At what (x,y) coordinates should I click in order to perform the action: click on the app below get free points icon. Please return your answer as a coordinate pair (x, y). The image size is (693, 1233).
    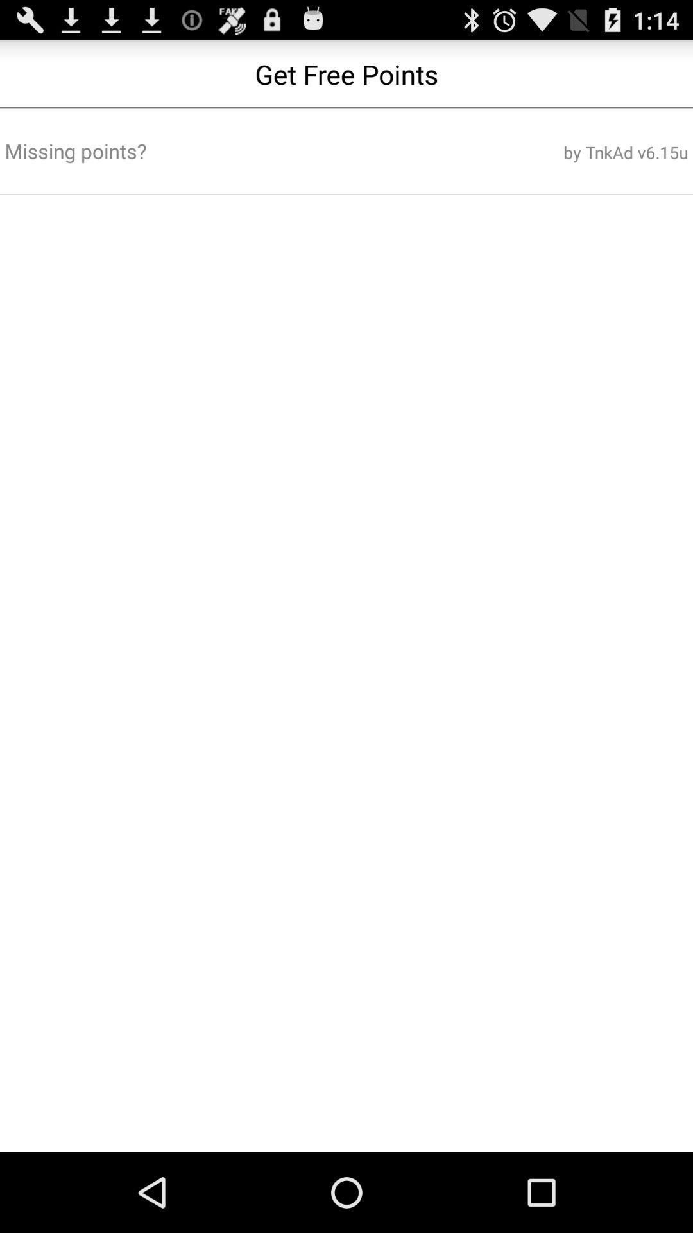
    Looking at the image, I should click on (232, 151).